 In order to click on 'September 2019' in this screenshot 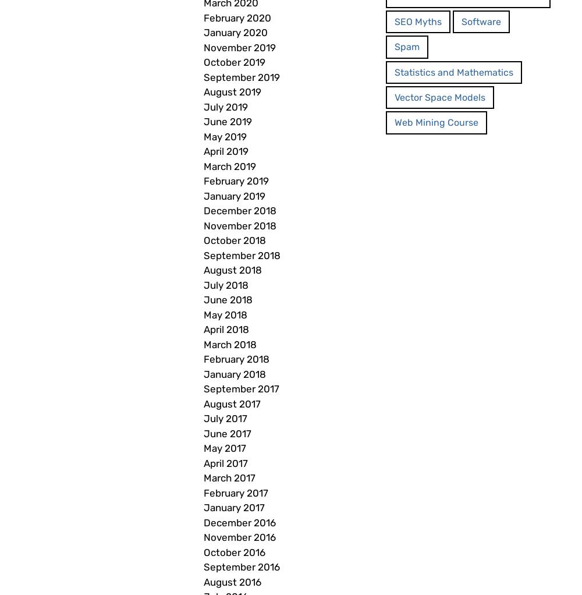, I will do `click(203, 77)`.